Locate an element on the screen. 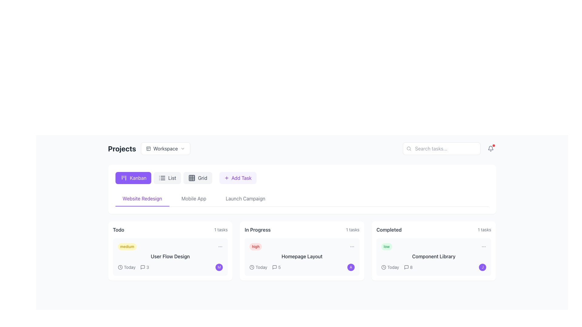 The height and width of the screenshot is (327, 582). the button that switches the view mode to a list layout, positioned between the 'Kanban' button on the left and the 'Grid' button on the right, in the top-central area under the 'Projects' header to observe styling changes is located at coordinates (167, 177).